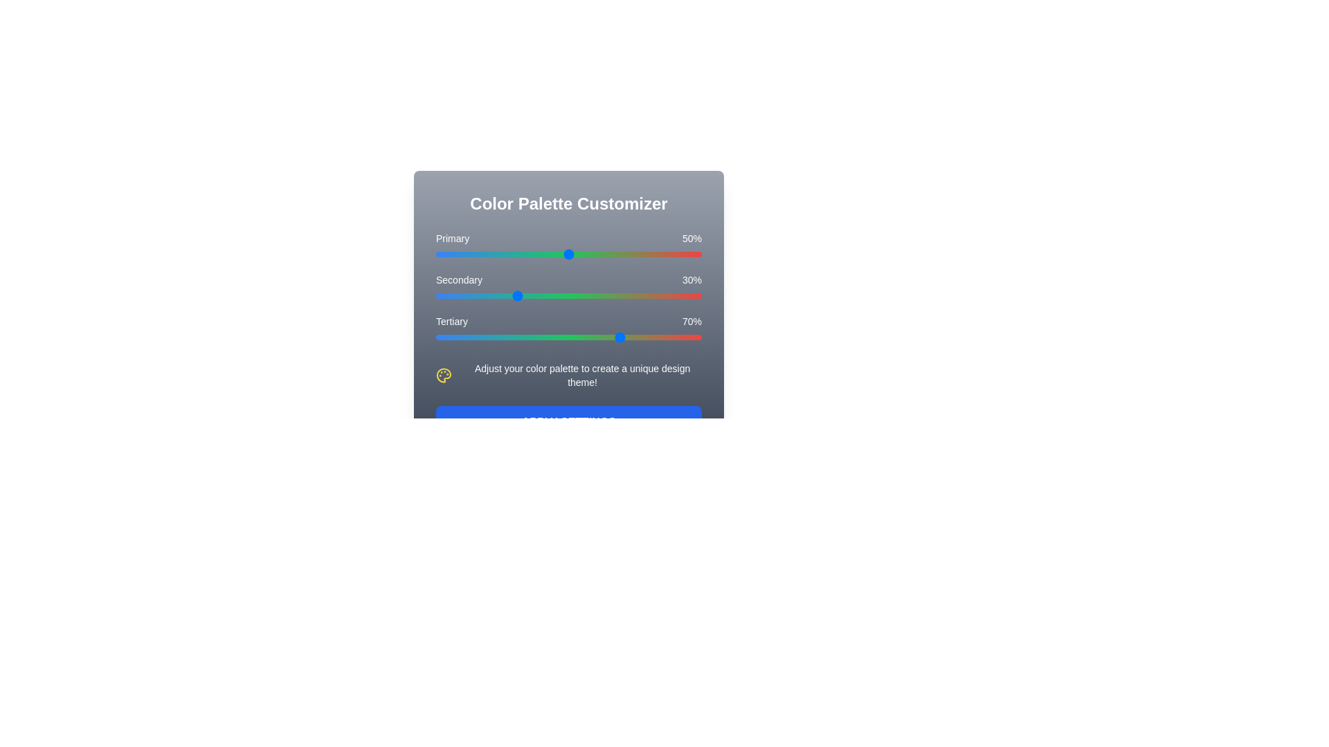 This screenshot has height=747, width=1329. What do you see at coordinates (685, 338) in the screenshot?
I see `the tertiary slider` at bounding box center [685, 338].